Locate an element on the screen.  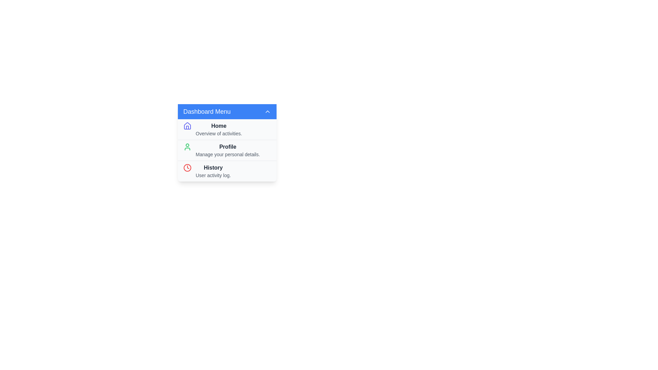
the 'History' text label, which is styled in bold dark gray and positioned last in a vertical menu list, below 'Profile' and above the description 'User activity log' is located at coordinates (213, 168).